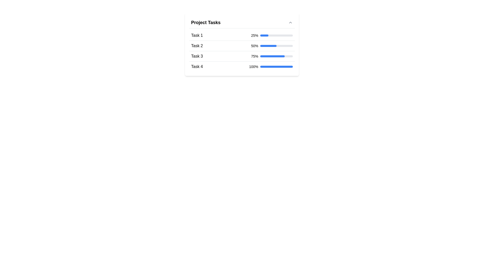 The height and width of the screenshot is (274, 488). What do you see at coordinates (276, 56) in the screenshot?
I see `the progress bar representing Task 3, which visually indicates a 75% completion level and is located to the right of the '75%' label` at bounding box center [276, 56].